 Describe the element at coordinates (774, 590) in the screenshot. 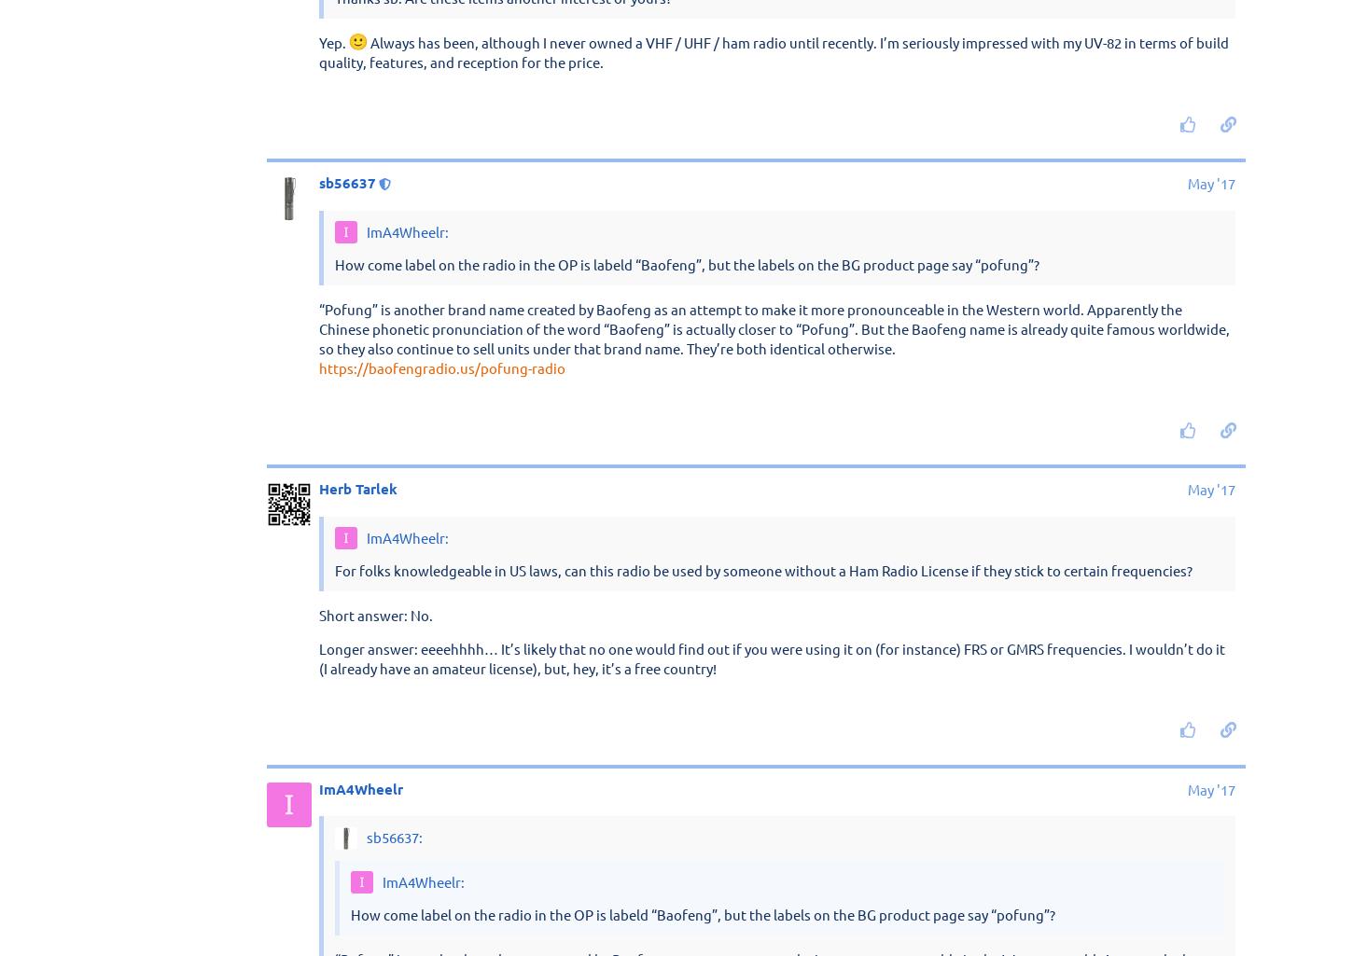

I see `'Always has been, although I never owned a VHF / UHF / ham radio until recently. I’m seriously impressed with my UV-82 in terms of build quality, features, and reception for the price.'` at that location.